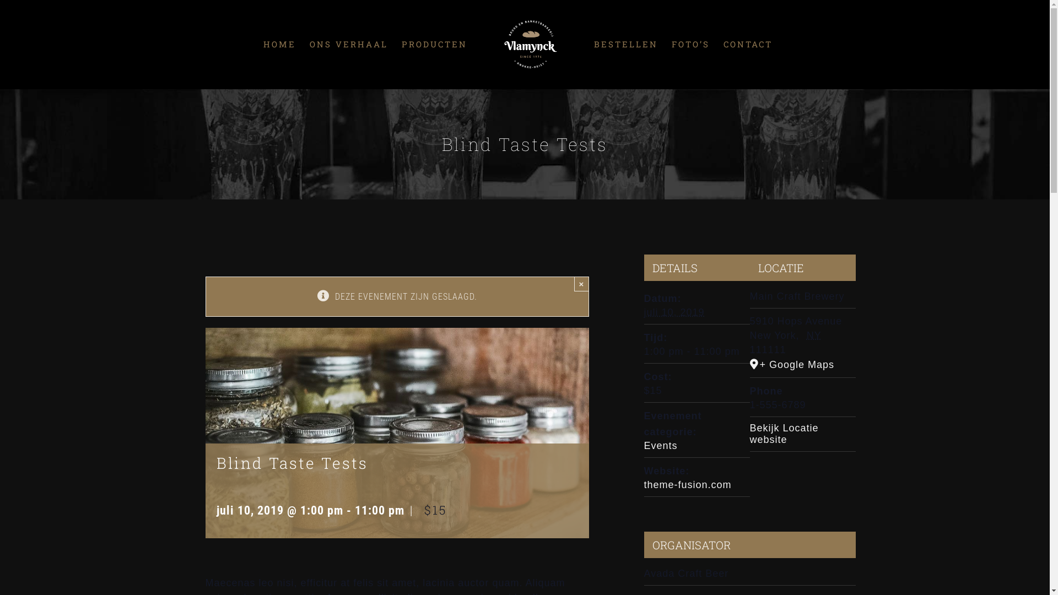  Describe the element at coordinates (263, 44) in the screenshot. I see `'HOME'` at that location.